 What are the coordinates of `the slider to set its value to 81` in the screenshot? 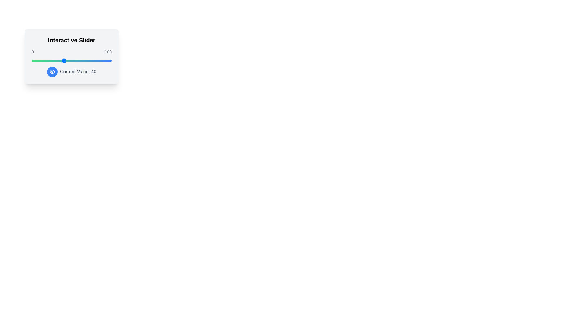 It's located at (96, 61).